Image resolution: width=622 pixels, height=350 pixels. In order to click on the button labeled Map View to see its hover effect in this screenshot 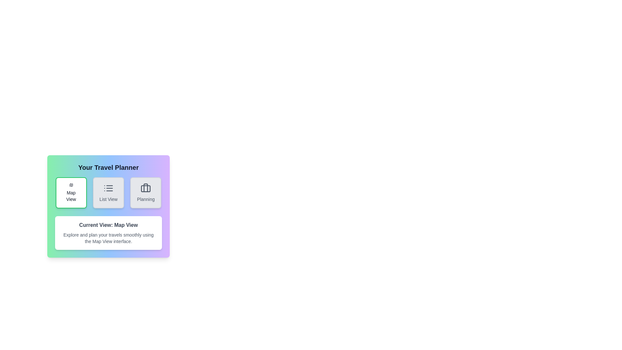, I will do `click(71, 192)`.